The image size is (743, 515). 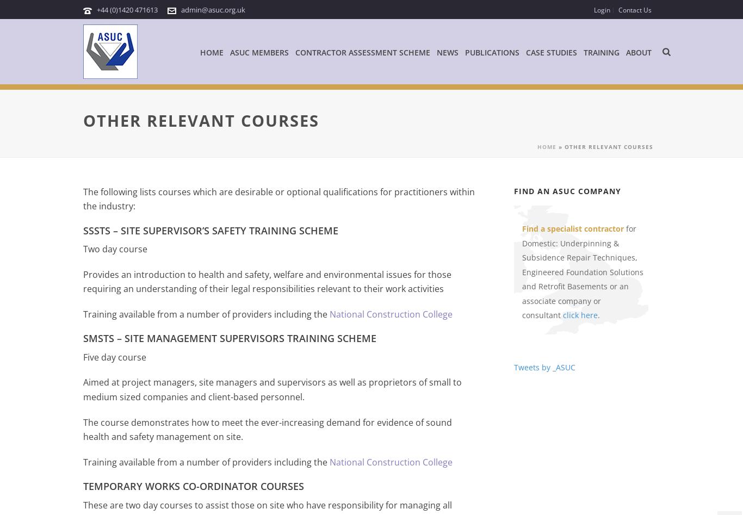 I want to click on 'Find a specialist contractor', so click(x=572, y=228).